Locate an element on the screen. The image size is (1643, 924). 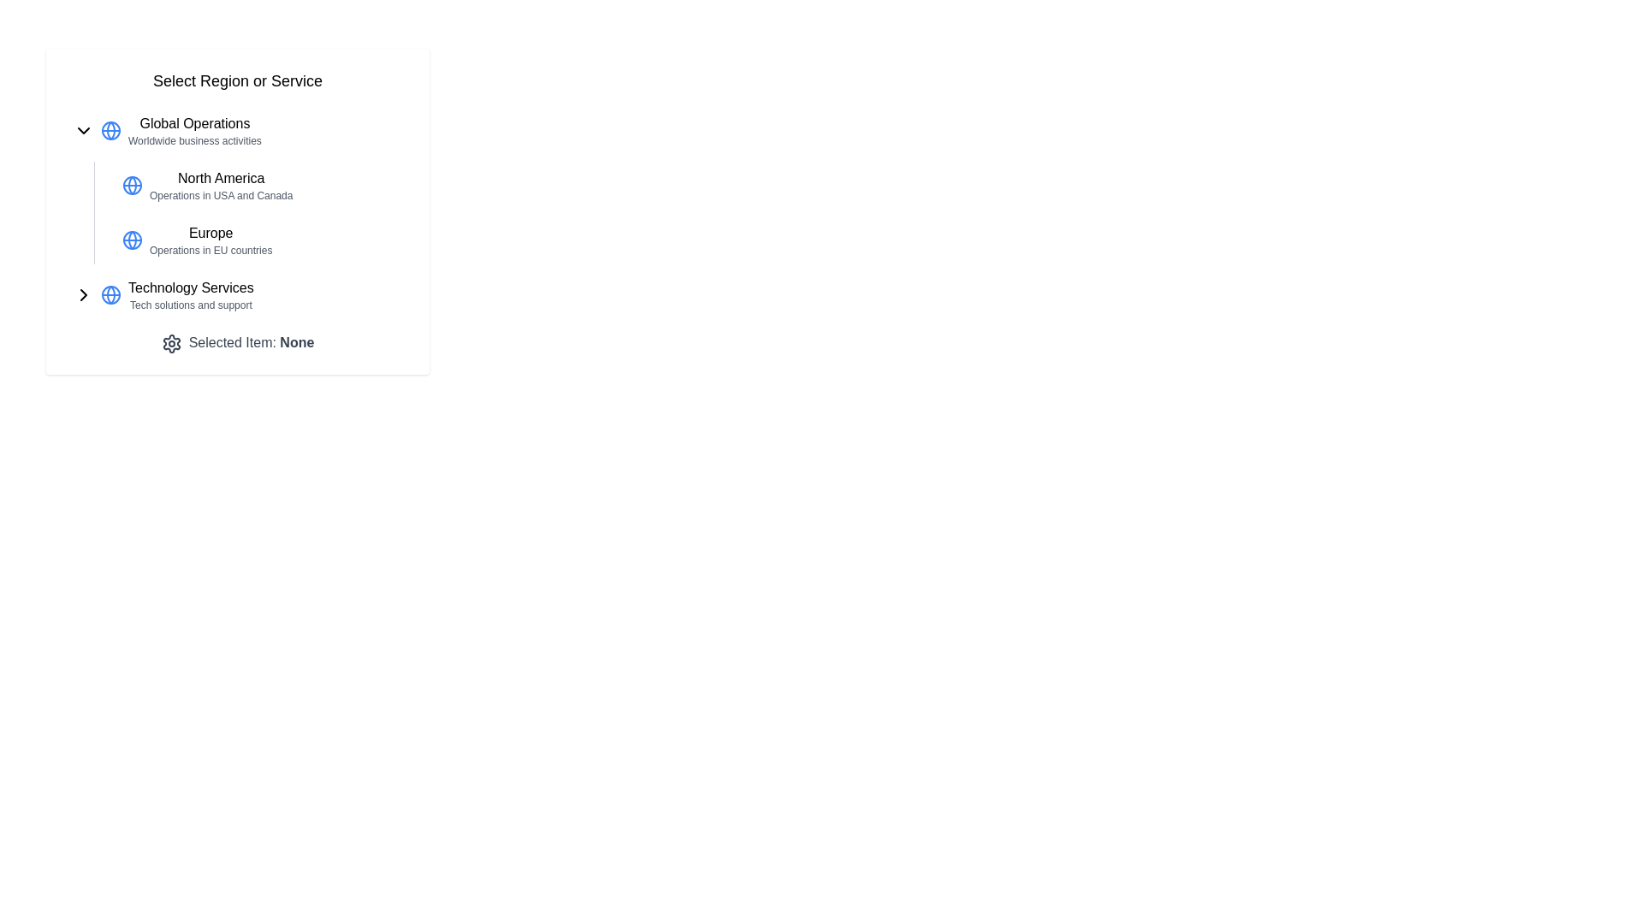
the text label displaying 'Europe', which is positioned below 'Global Operations' and 'North America' is located at coordinates (210, 234).